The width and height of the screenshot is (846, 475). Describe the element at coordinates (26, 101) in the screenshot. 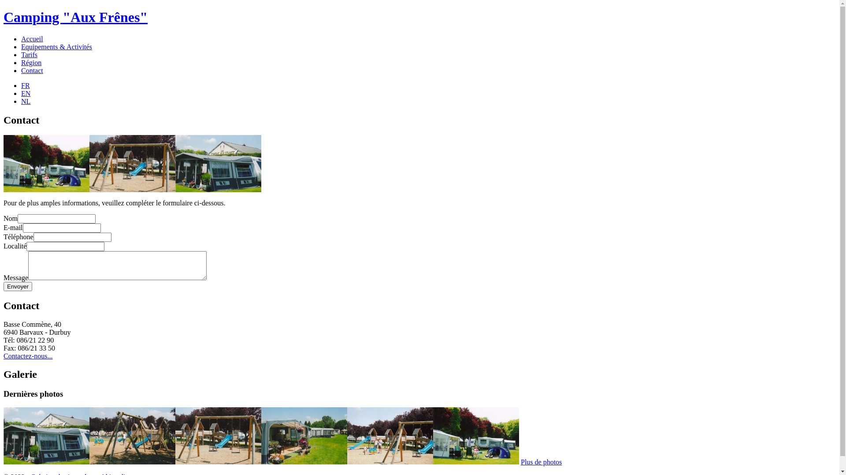

I see `'NL'` at that location.